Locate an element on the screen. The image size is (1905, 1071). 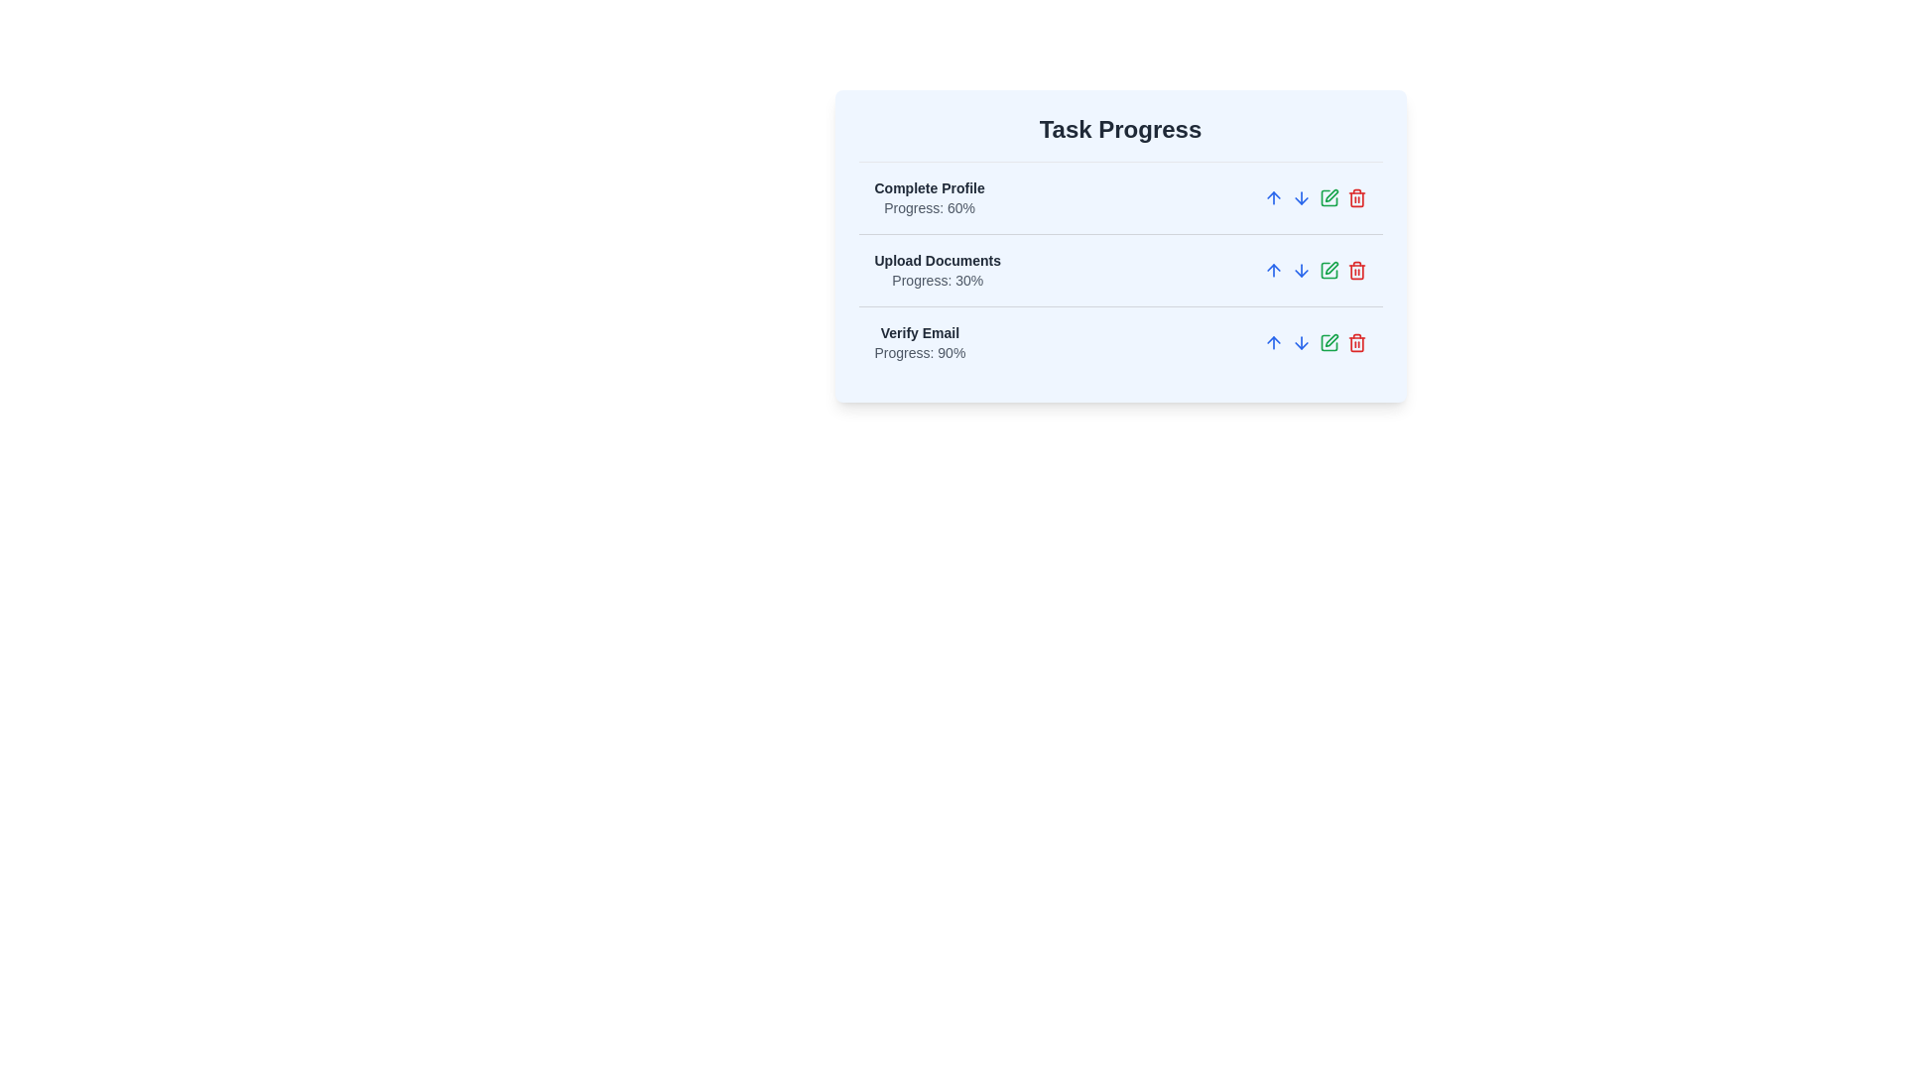
the green pencil icon, which is the third icon among four horizontally aligned icons is located at coordinates (1315, 271).